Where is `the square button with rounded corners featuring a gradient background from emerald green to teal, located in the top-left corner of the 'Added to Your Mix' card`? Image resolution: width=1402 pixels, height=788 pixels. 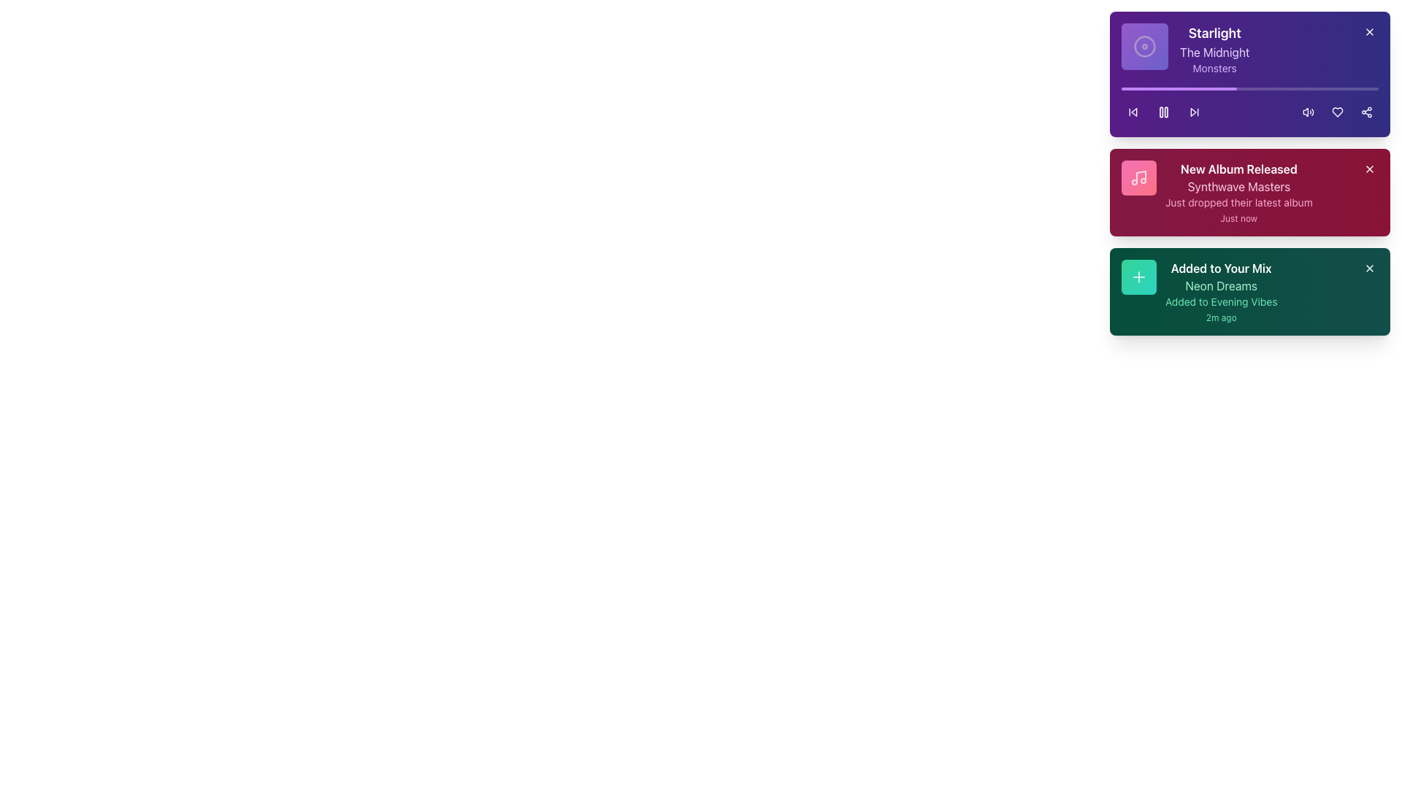
the square button with rounded corners featuring a gradient background from emerald green to teal, located in the top-left corner of the 'Added to Your Mix' card is located at coordinates (1138, 277).